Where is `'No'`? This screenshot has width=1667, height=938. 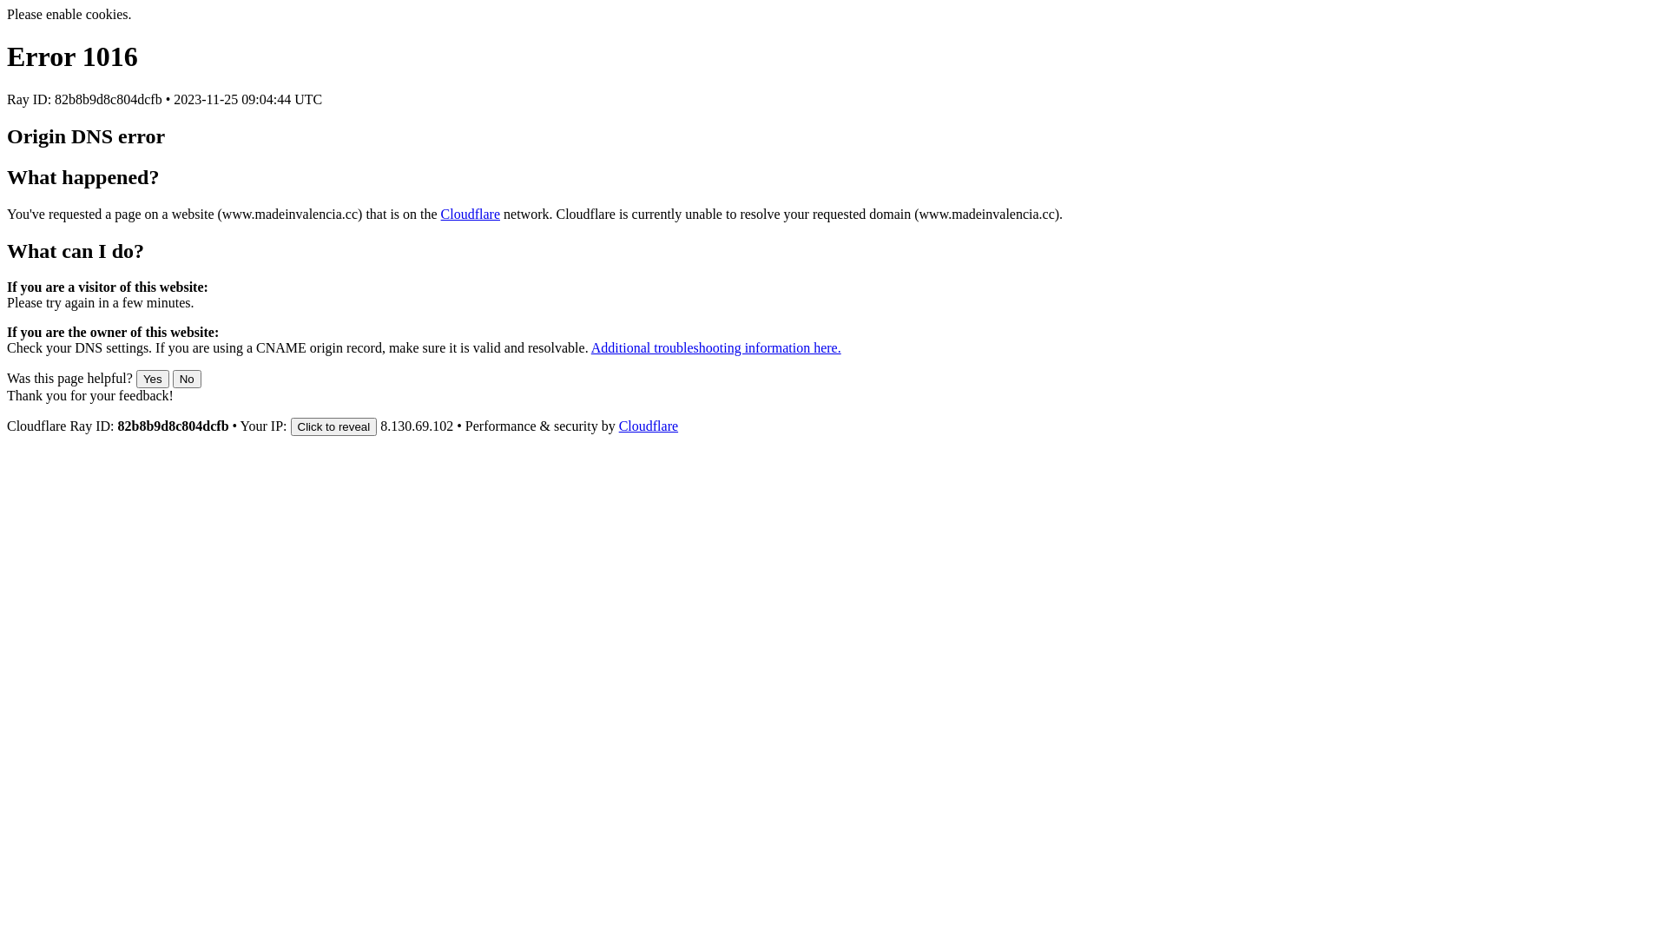 'No' is located at coordinates (187, 378).